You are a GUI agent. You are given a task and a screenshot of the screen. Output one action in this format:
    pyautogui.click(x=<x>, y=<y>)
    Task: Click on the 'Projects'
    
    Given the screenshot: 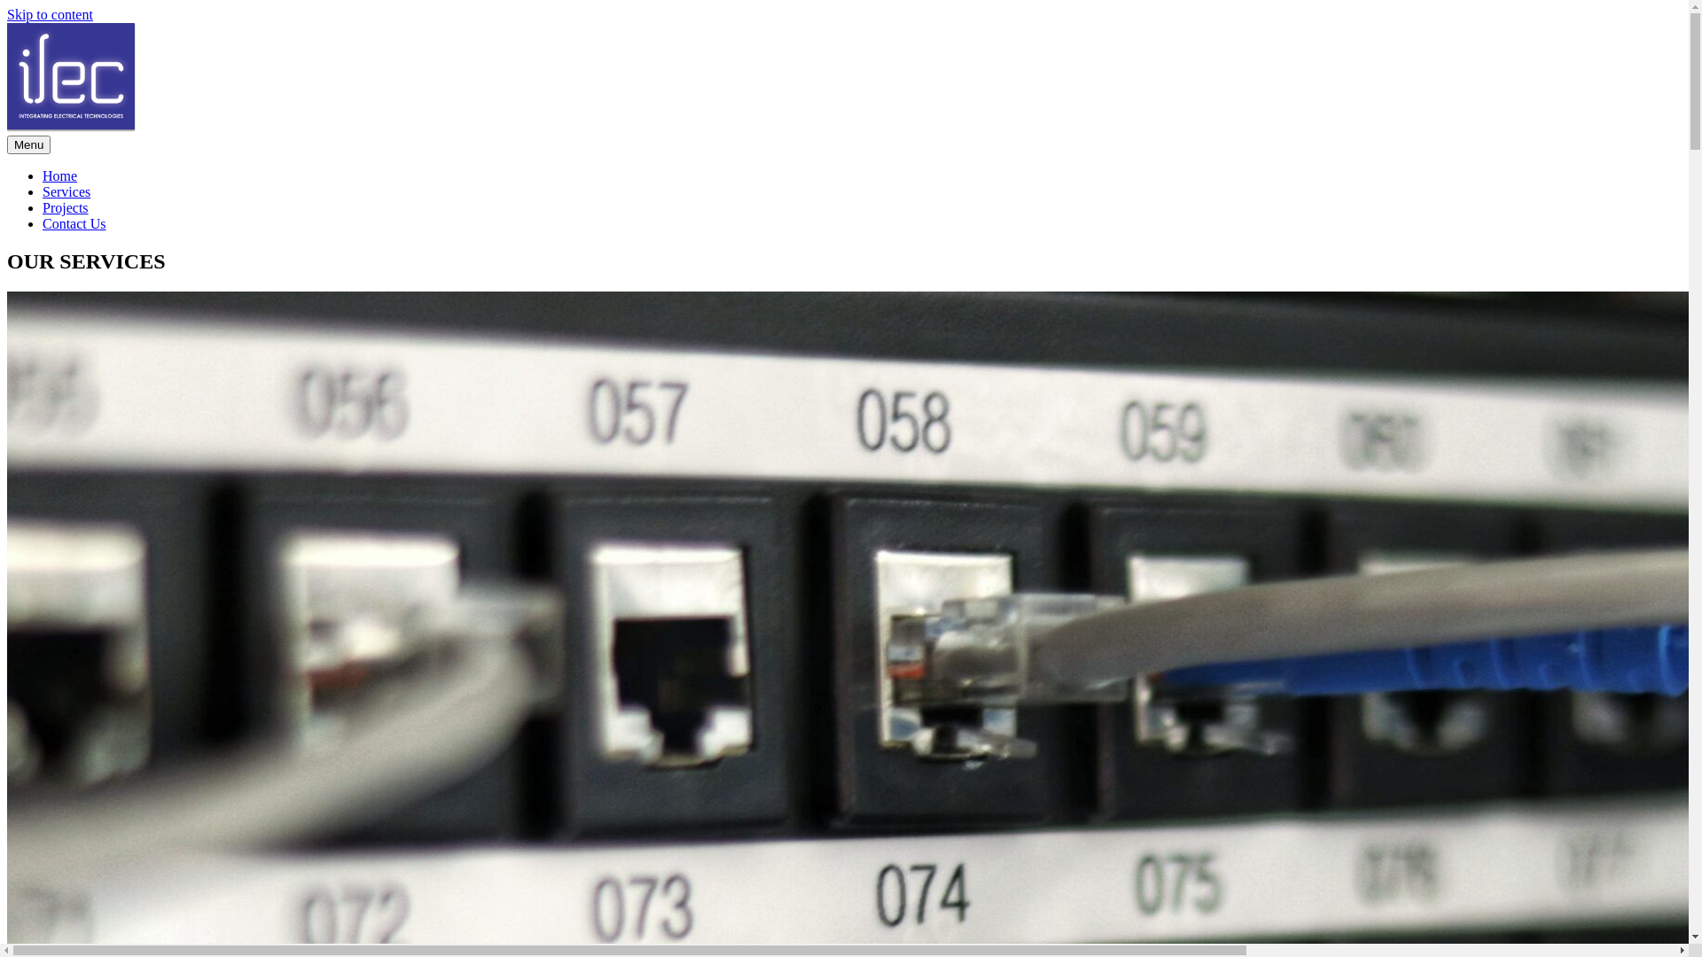 What is the action you would take?
    pyautogui.click(x=65, y=206)
    